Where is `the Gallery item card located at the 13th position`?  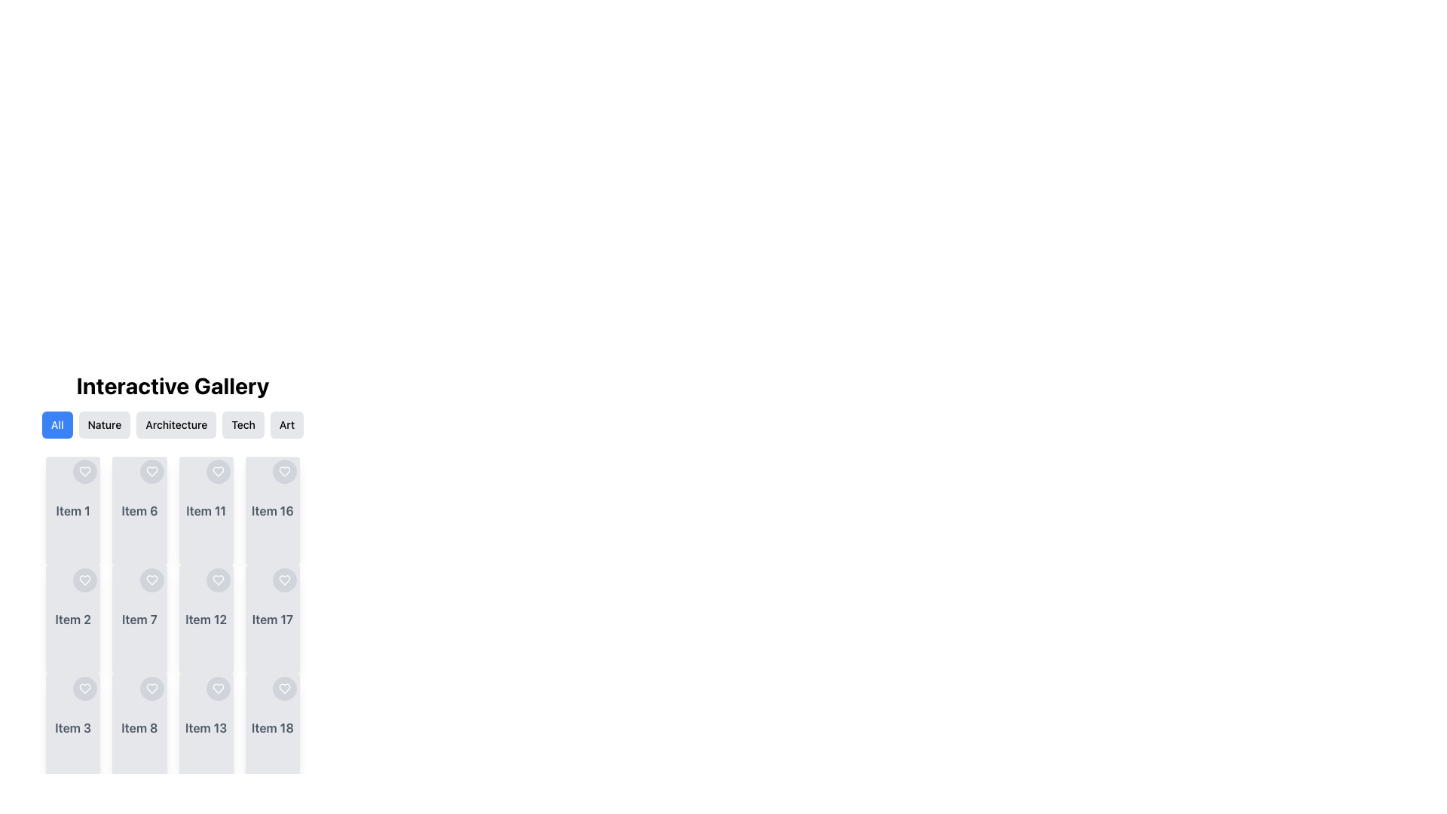
the Gallery item card located at the 13th position is located at coordinates (205, 727).